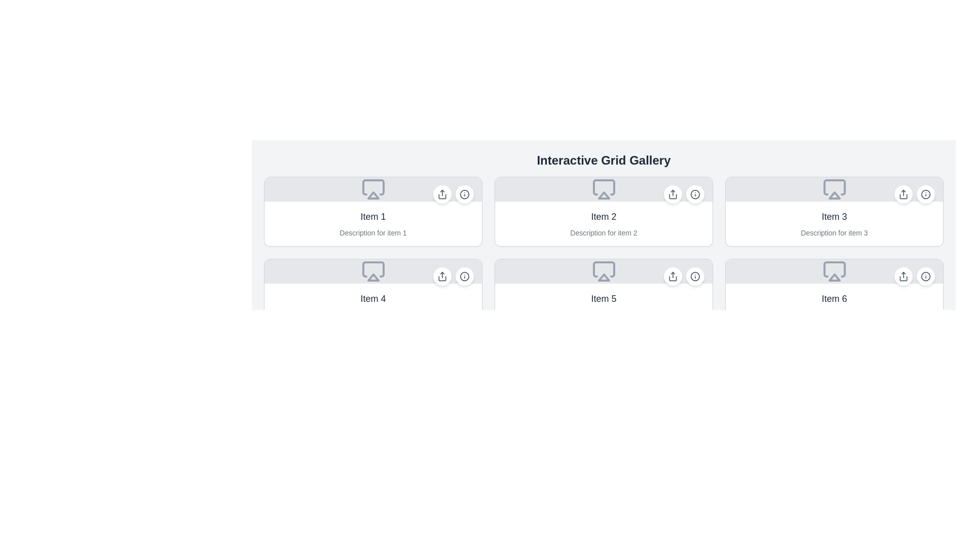 The width and height of the screenshot is (973, 547). What do you see at coordinates (834, 298) in the screenshot?
I see `text label located in the bottom-right card of the grid layout, which serves as the title or identifier for the associated item` at bounding box center [834, 298].